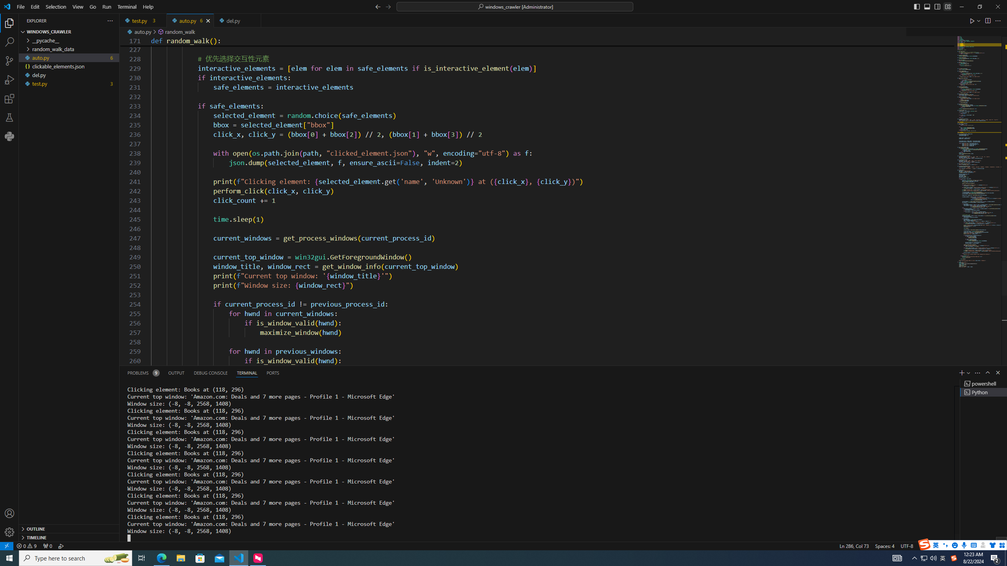 This screenshot has width=1007, height=566. What do you see at coordinates (106, 6) in the screenshot?
I see `'Run'` at bounding box center [106, 6].